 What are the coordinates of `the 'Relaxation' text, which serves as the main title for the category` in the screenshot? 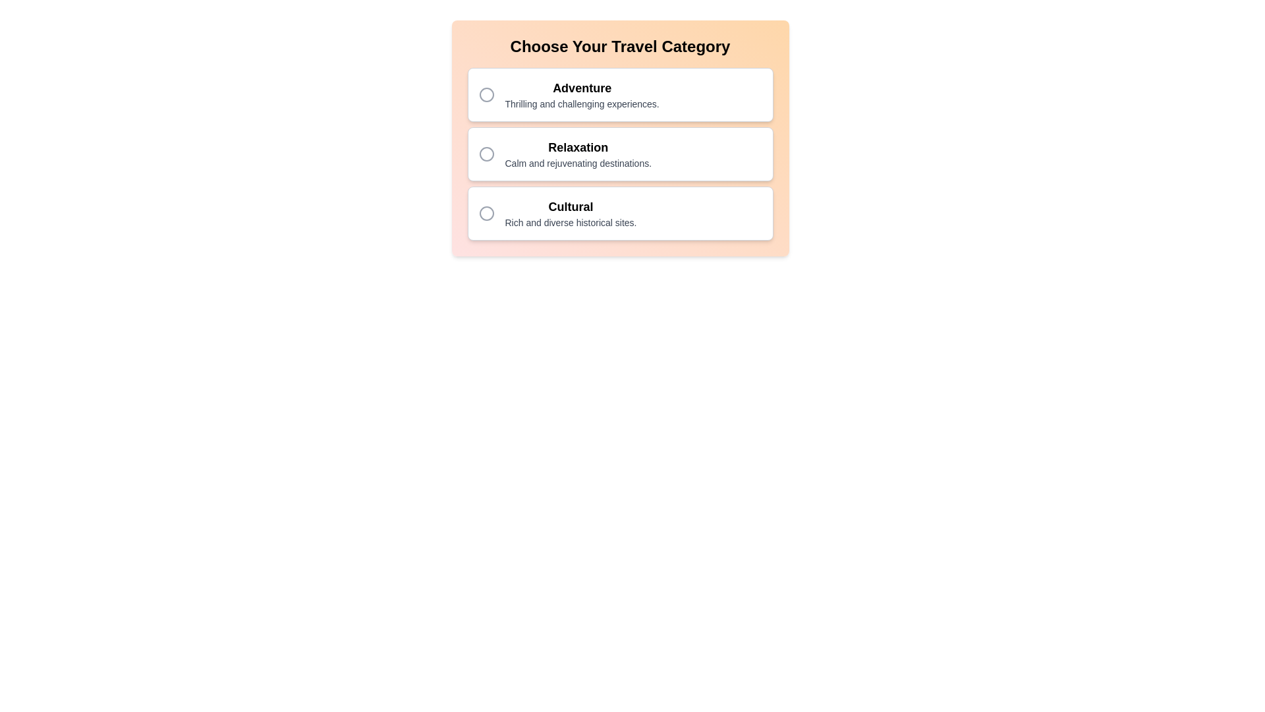 It's located at (578, 147).